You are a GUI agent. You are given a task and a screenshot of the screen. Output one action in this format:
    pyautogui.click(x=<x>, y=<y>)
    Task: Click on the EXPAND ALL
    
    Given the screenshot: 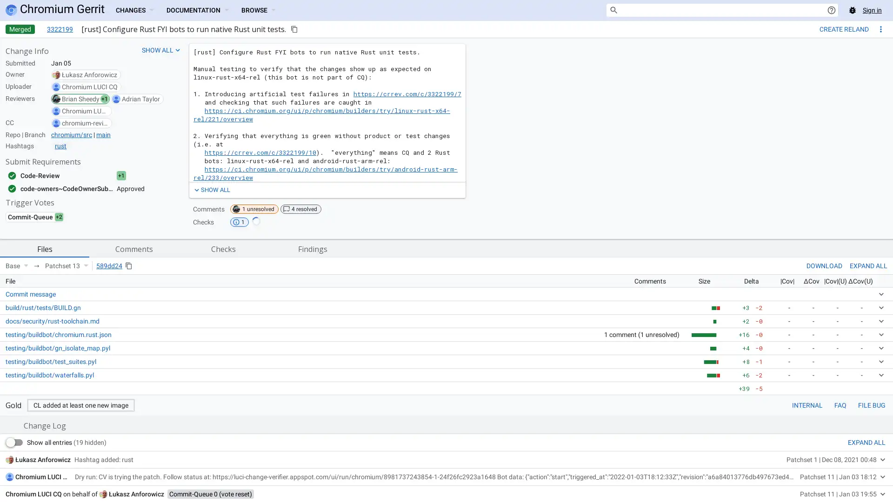 What is the action you would take?
    pyautogui.click(x=868, y=265)
    